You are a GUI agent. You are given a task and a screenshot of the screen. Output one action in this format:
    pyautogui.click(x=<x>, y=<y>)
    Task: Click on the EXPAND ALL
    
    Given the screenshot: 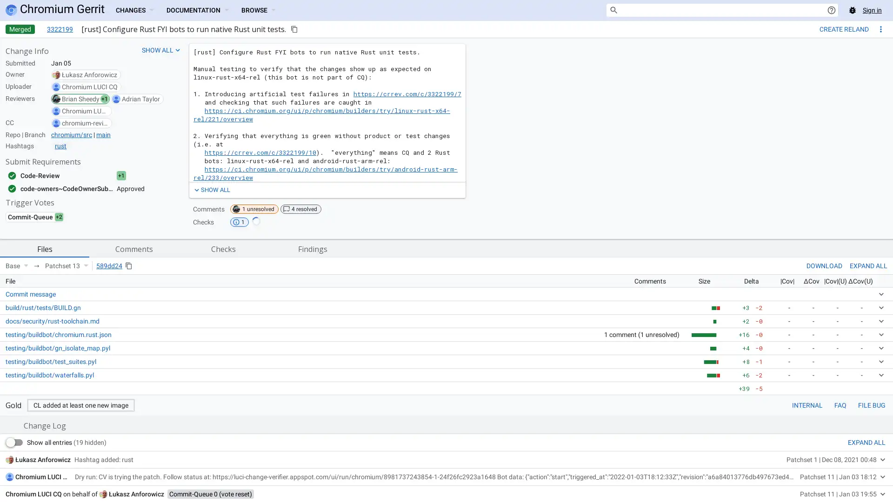 What is the action you would take?
    pyautogui.click(x=868, y=265)
    